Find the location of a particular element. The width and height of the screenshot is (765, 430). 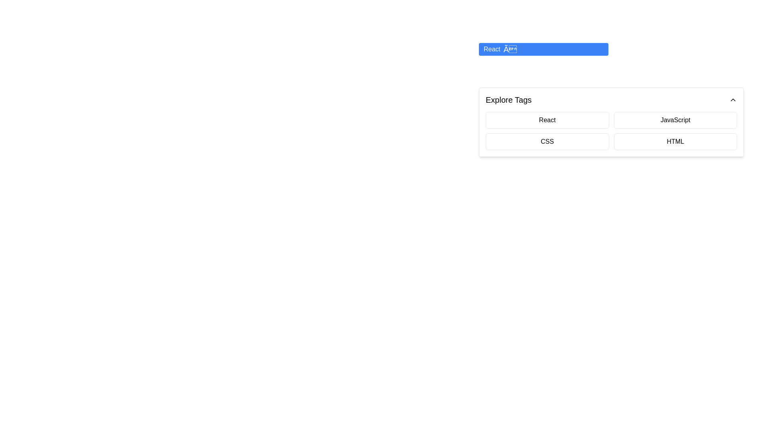

the interactive closing symbol (×) on the first tag element in the grid layout is located at coordinates (611, 58).